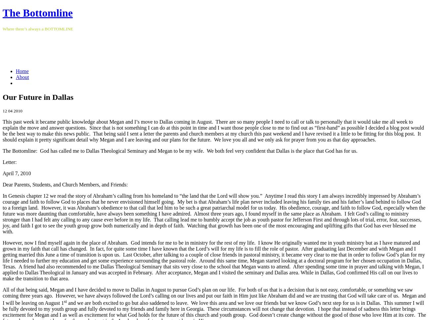 This screenshot has width=429, height=320. What do you see at coordinates (17, 110) in the screenshot?
I see `'2010'` at bounding box center [17, 110].